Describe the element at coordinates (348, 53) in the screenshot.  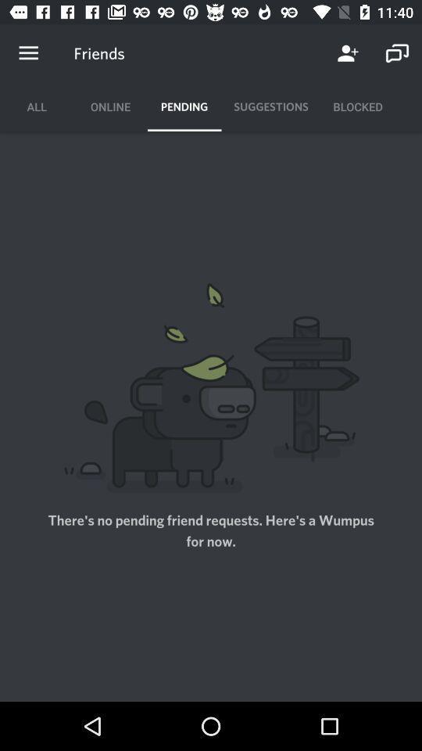
I see `icon to the right of the friends item` at that location.